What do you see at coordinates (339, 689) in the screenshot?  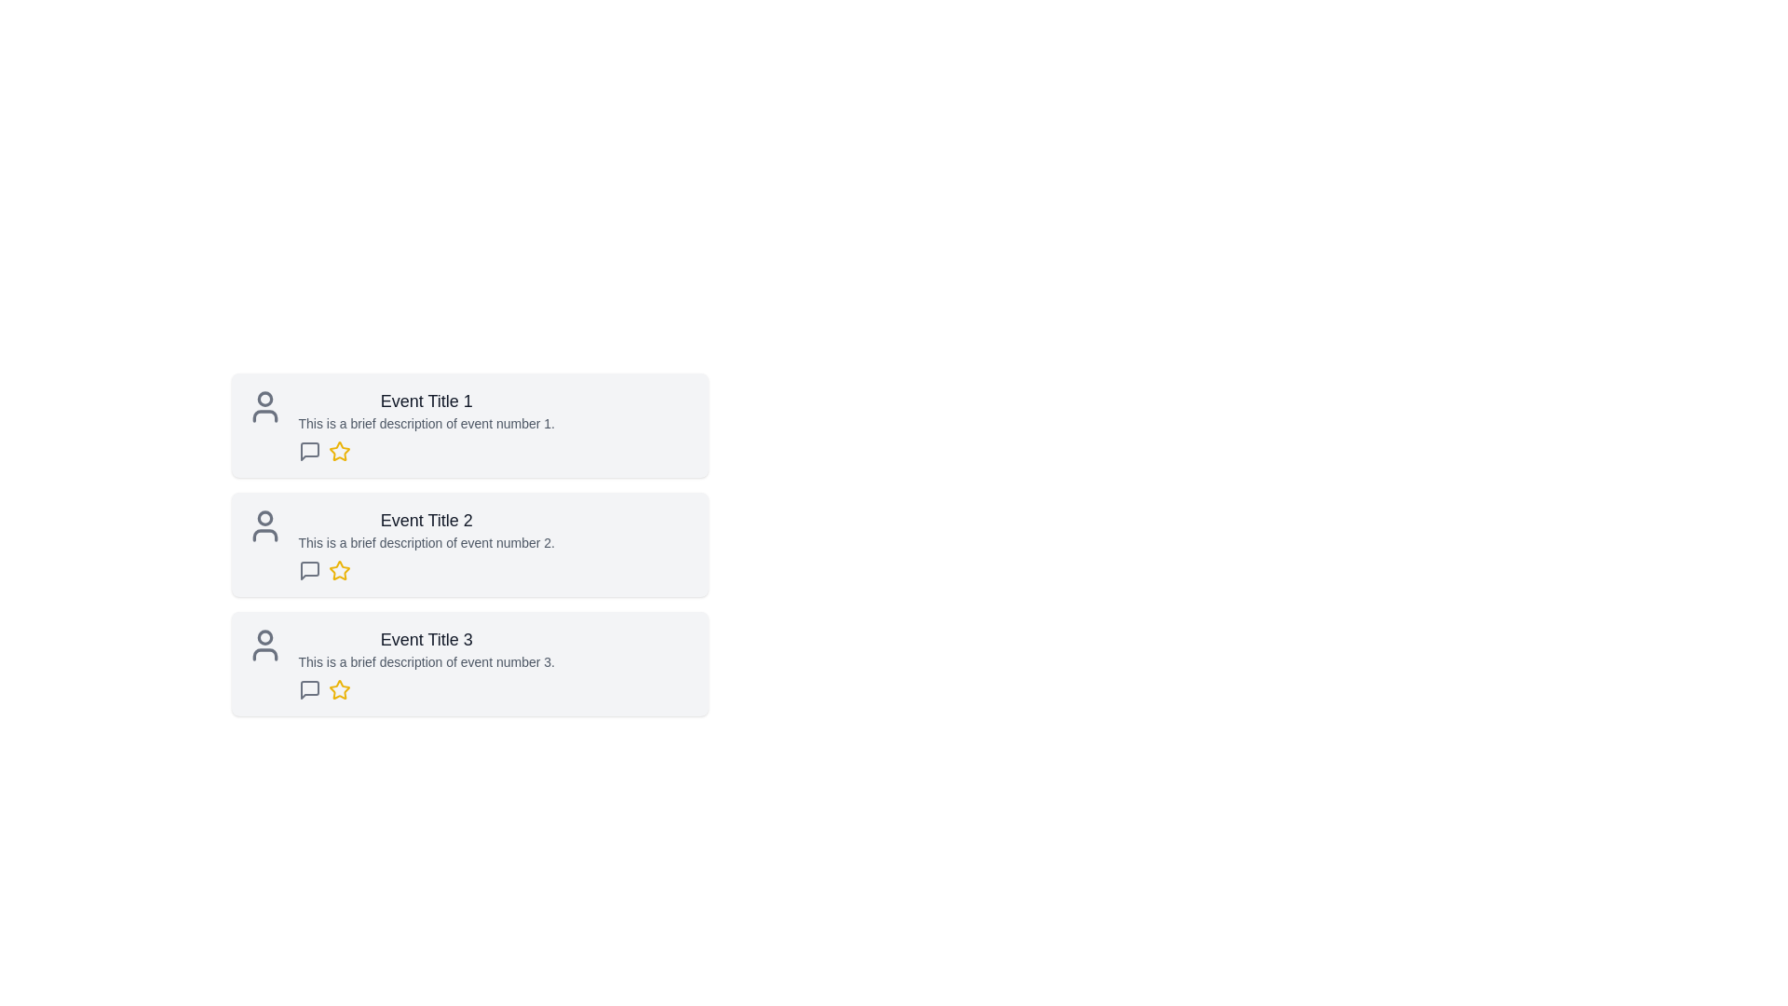 I see `the yellow star-shaped icon located at the bottom-right of the third event card` at bounding box center [339, 689].